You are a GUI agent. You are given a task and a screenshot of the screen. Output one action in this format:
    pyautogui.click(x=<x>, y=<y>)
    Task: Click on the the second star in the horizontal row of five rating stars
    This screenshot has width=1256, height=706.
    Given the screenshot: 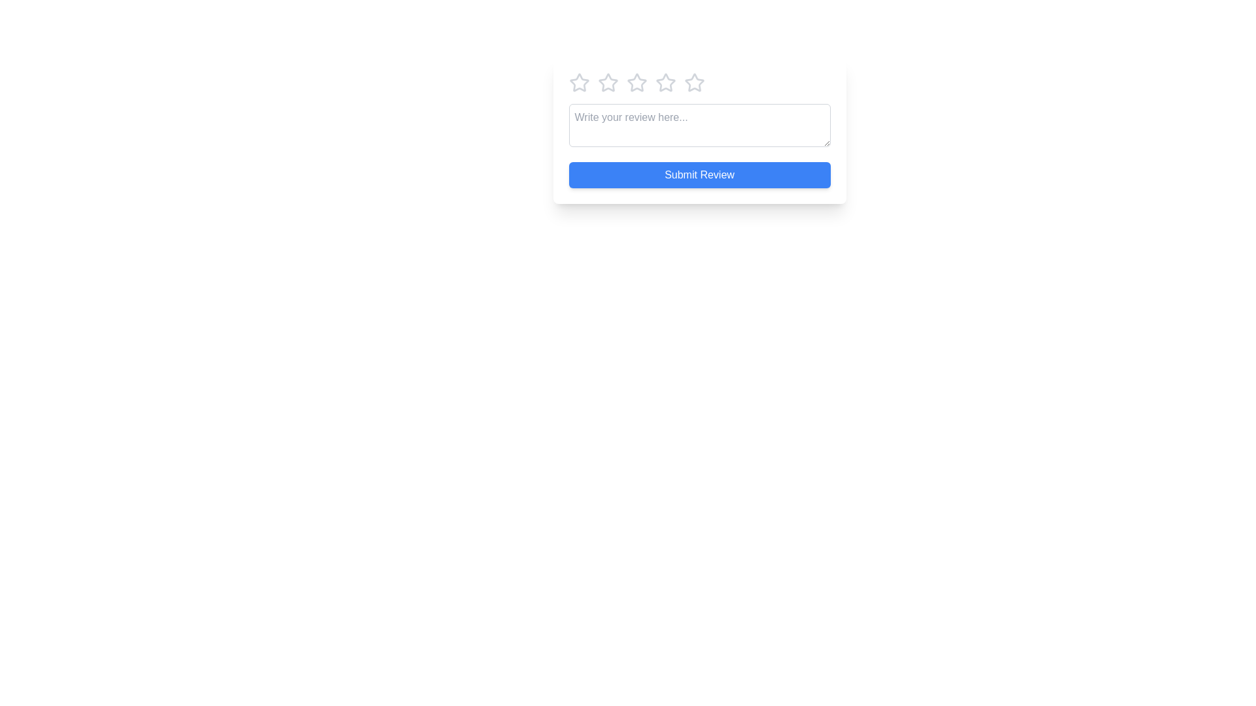 What is the action you would take?
    pyautogui.click(x=665, y=82)
    